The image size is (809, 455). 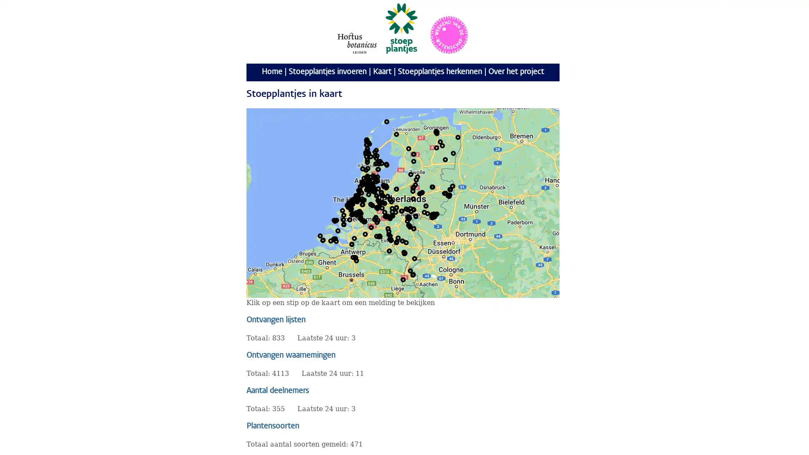 What do you see at coordinates (368, 185) in the screenshot?
I see `Telling van op 11 oktober 2021` at bounding box center [368, 185].